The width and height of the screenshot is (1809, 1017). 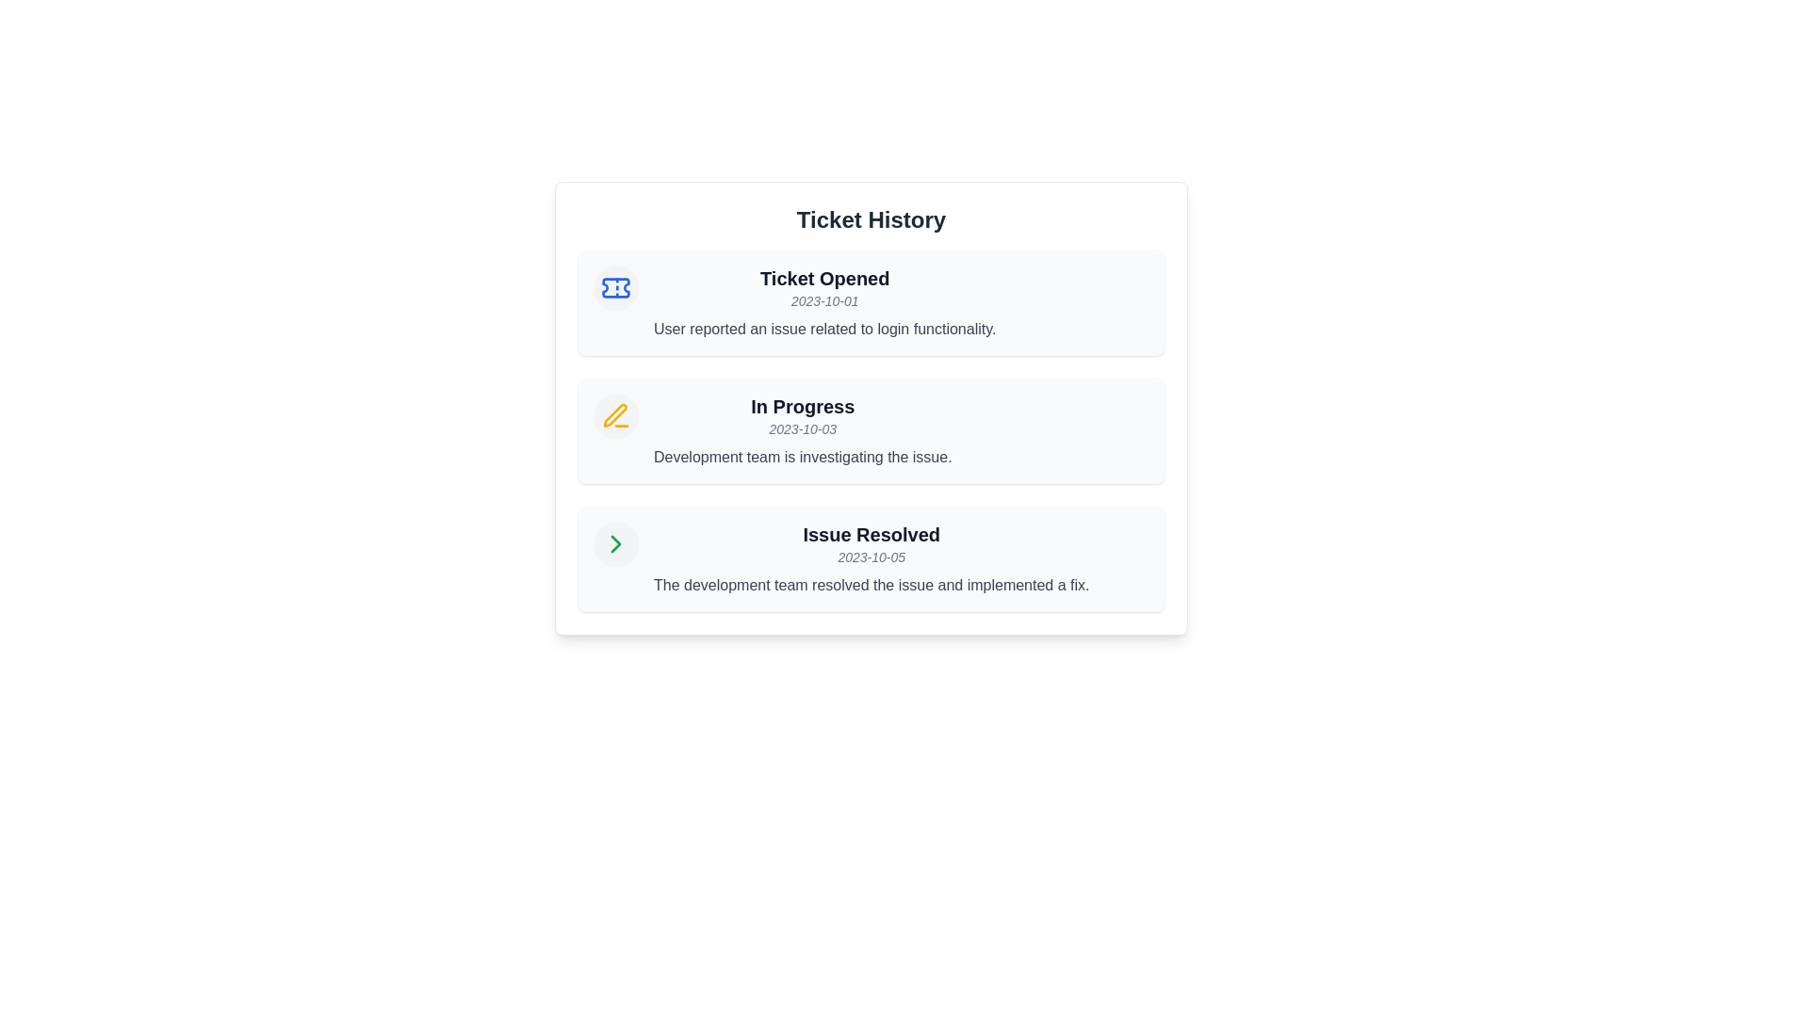 I want to click on the 'In Progress' status indicator icon located in the upper-left corner of the Ticket History interface, so click(x=615, y=415).